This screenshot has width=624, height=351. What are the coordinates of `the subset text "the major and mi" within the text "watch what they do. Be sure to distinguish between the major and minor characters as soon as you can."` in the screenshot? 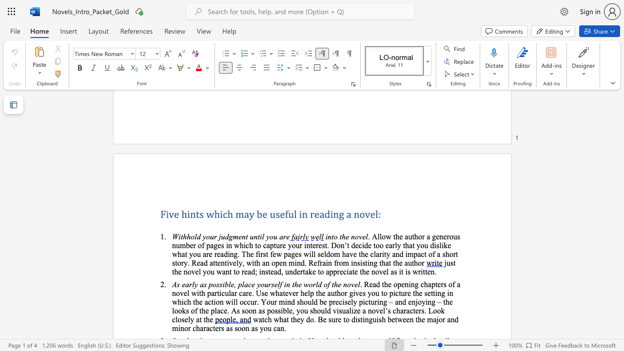 It's located at (415, 319).